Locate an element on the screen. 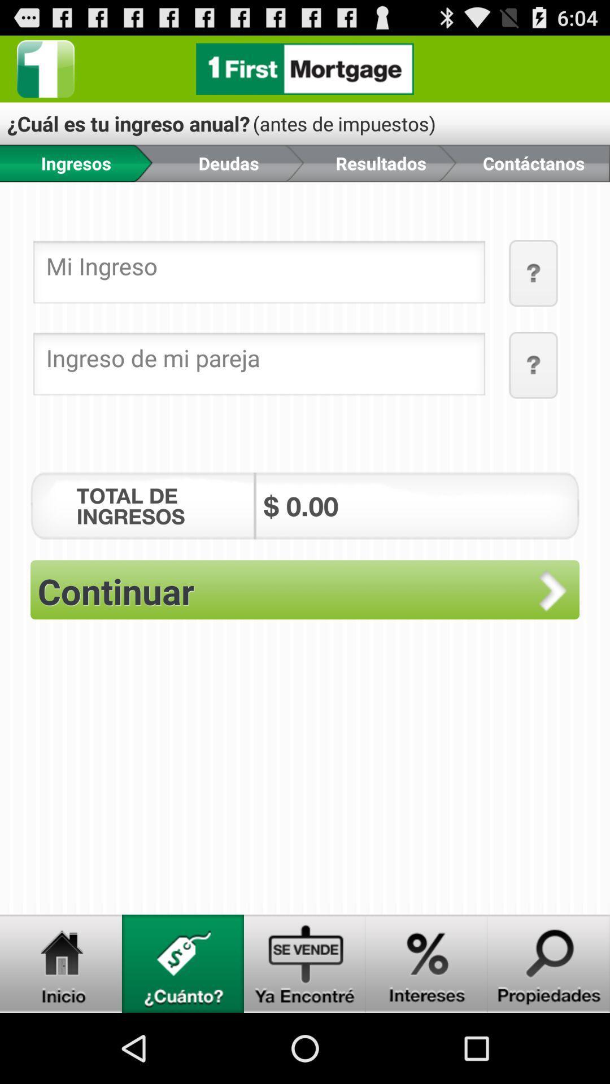  the facebook icon is located at coordinates (45, 73).